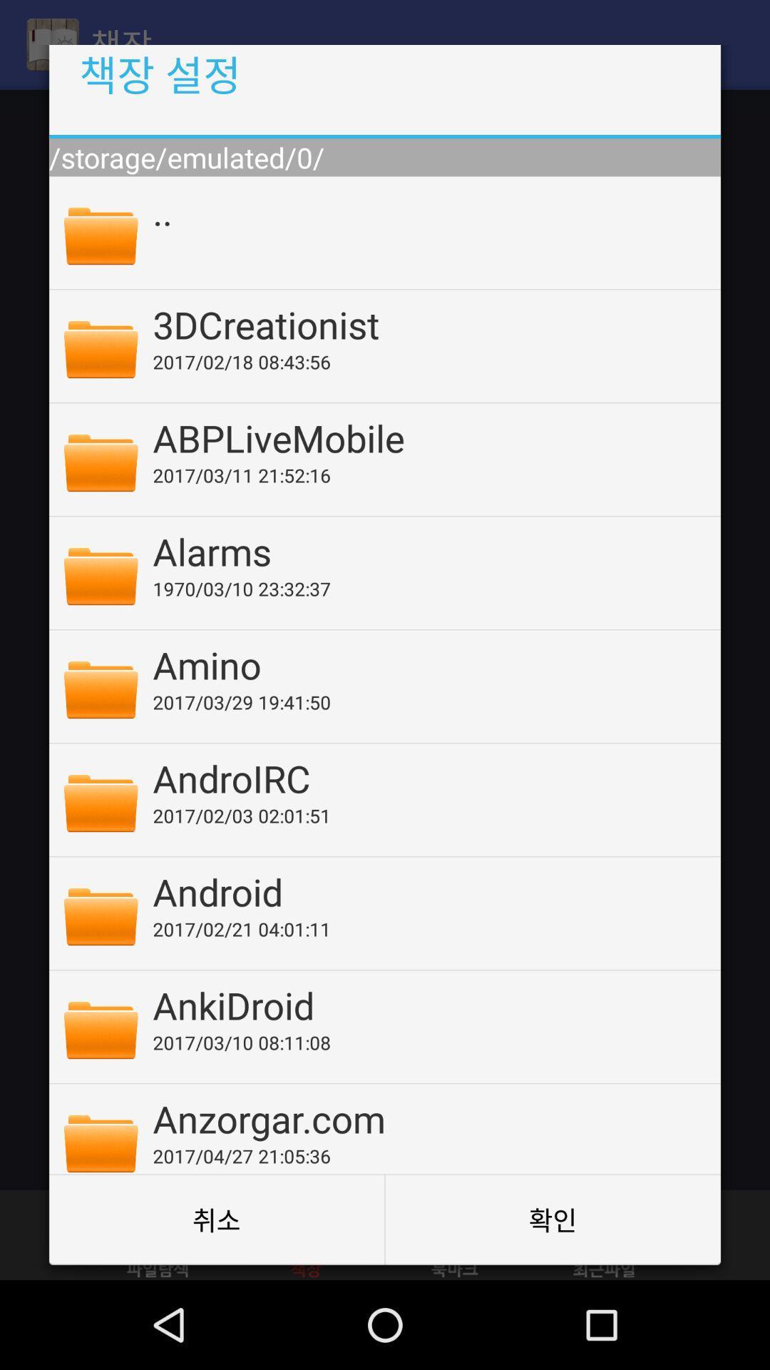 Image resolution: width=770 pixels, height=1370 pixels. What do you see at coordinates (426, 550) in the screenshot?
I see `alarms icon` at bounding box center [426, 550].